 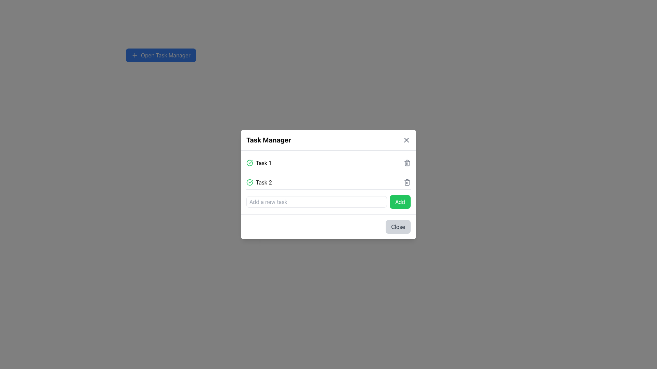 I want to click on the 'Add' button located in the 'Task Manager' modal dialog, so click(x=400, y=201).